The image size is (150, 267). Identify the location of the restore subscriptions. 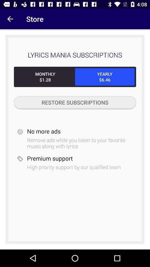
(75, 102).